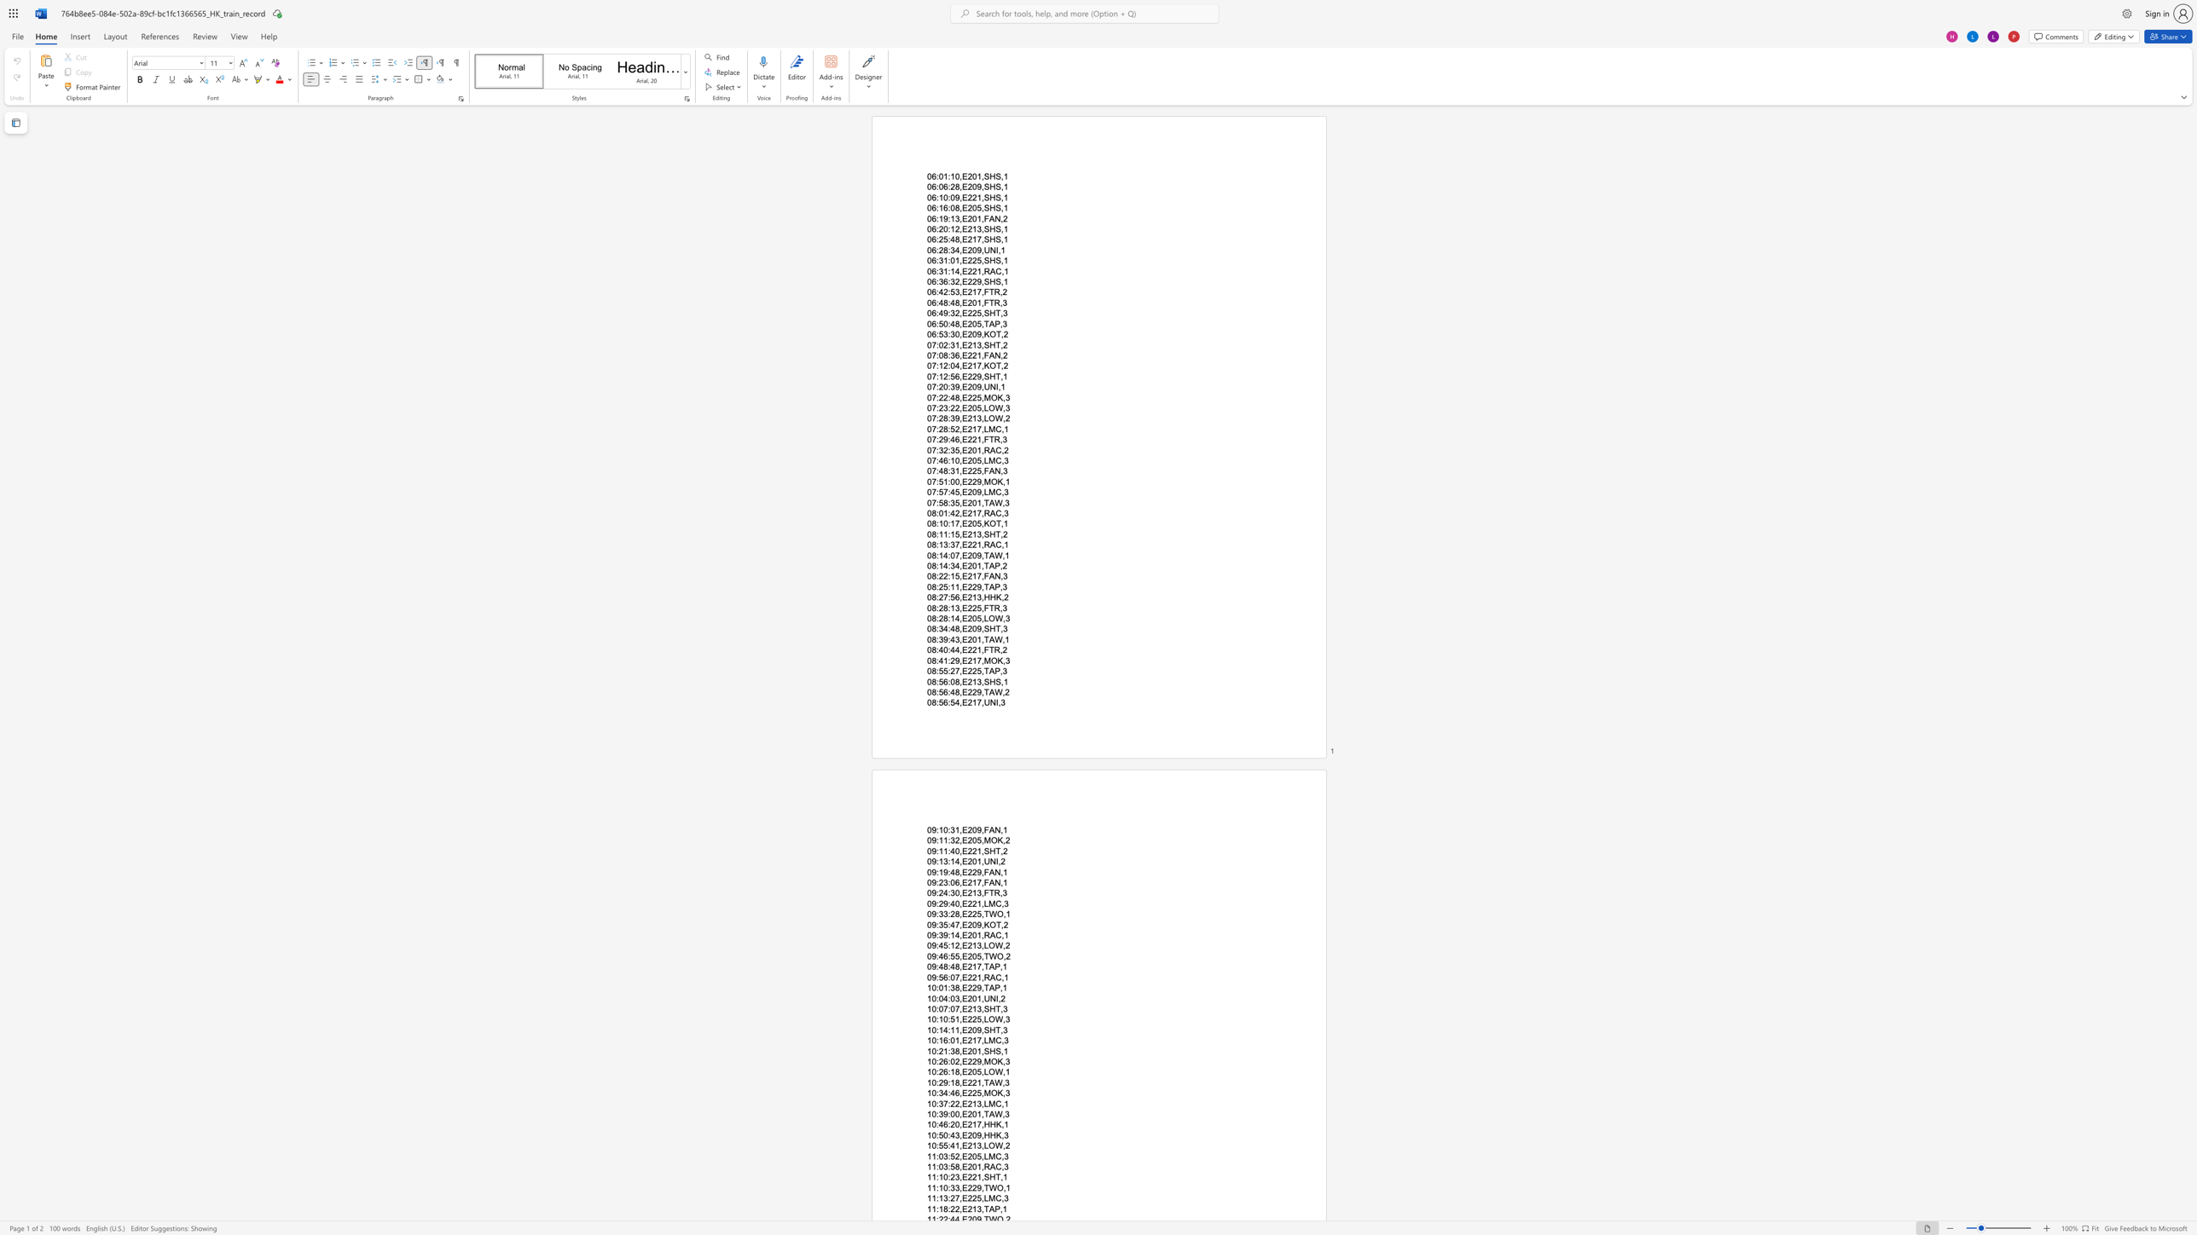 The width and height of the screenshot is (2197, 1235). What do you see at coordinates (931, 1165) in the screenshot?
I see `the subset text "1:03:58,E201,RAC" within the text "11:03:58,E201,RAC,3"` at bounding box center [931, 1165].